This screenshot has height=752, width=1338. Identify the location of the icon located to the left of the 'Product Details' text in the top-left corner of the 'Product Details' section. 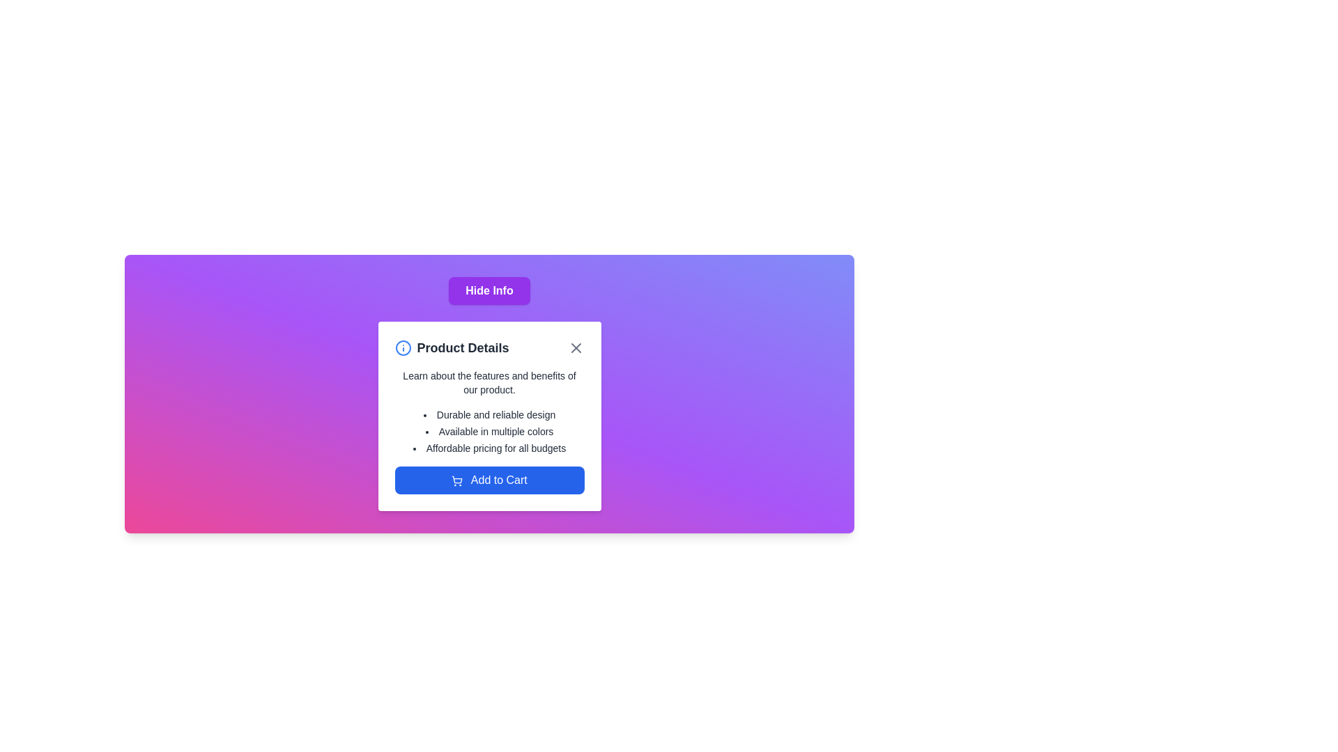
(402, 347).